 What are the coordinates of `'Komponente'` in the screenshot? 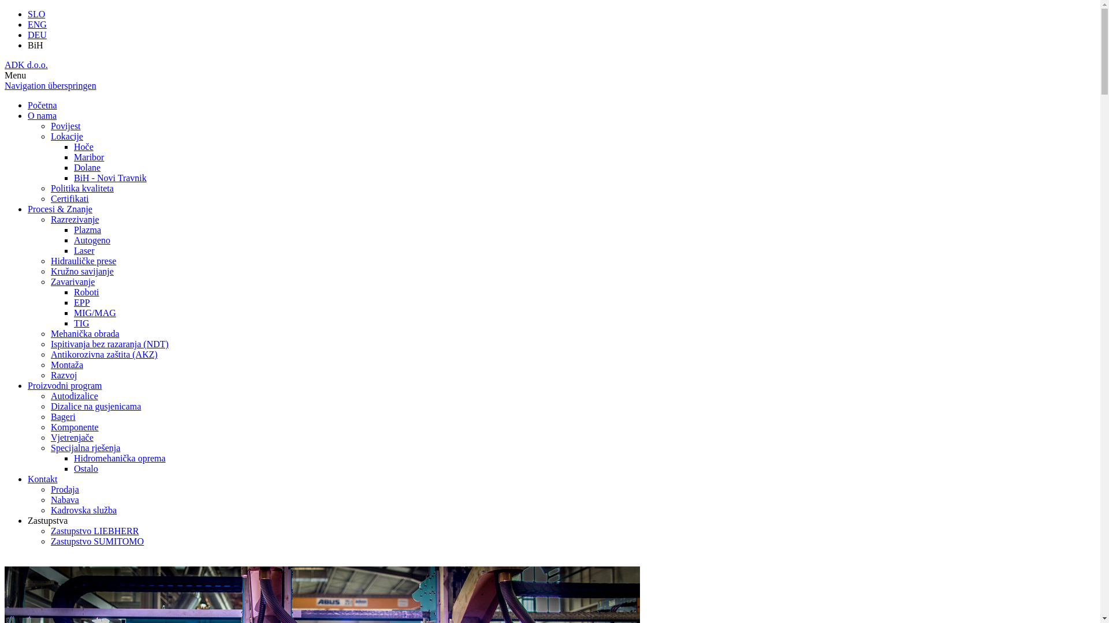 It's located at (50, 427).